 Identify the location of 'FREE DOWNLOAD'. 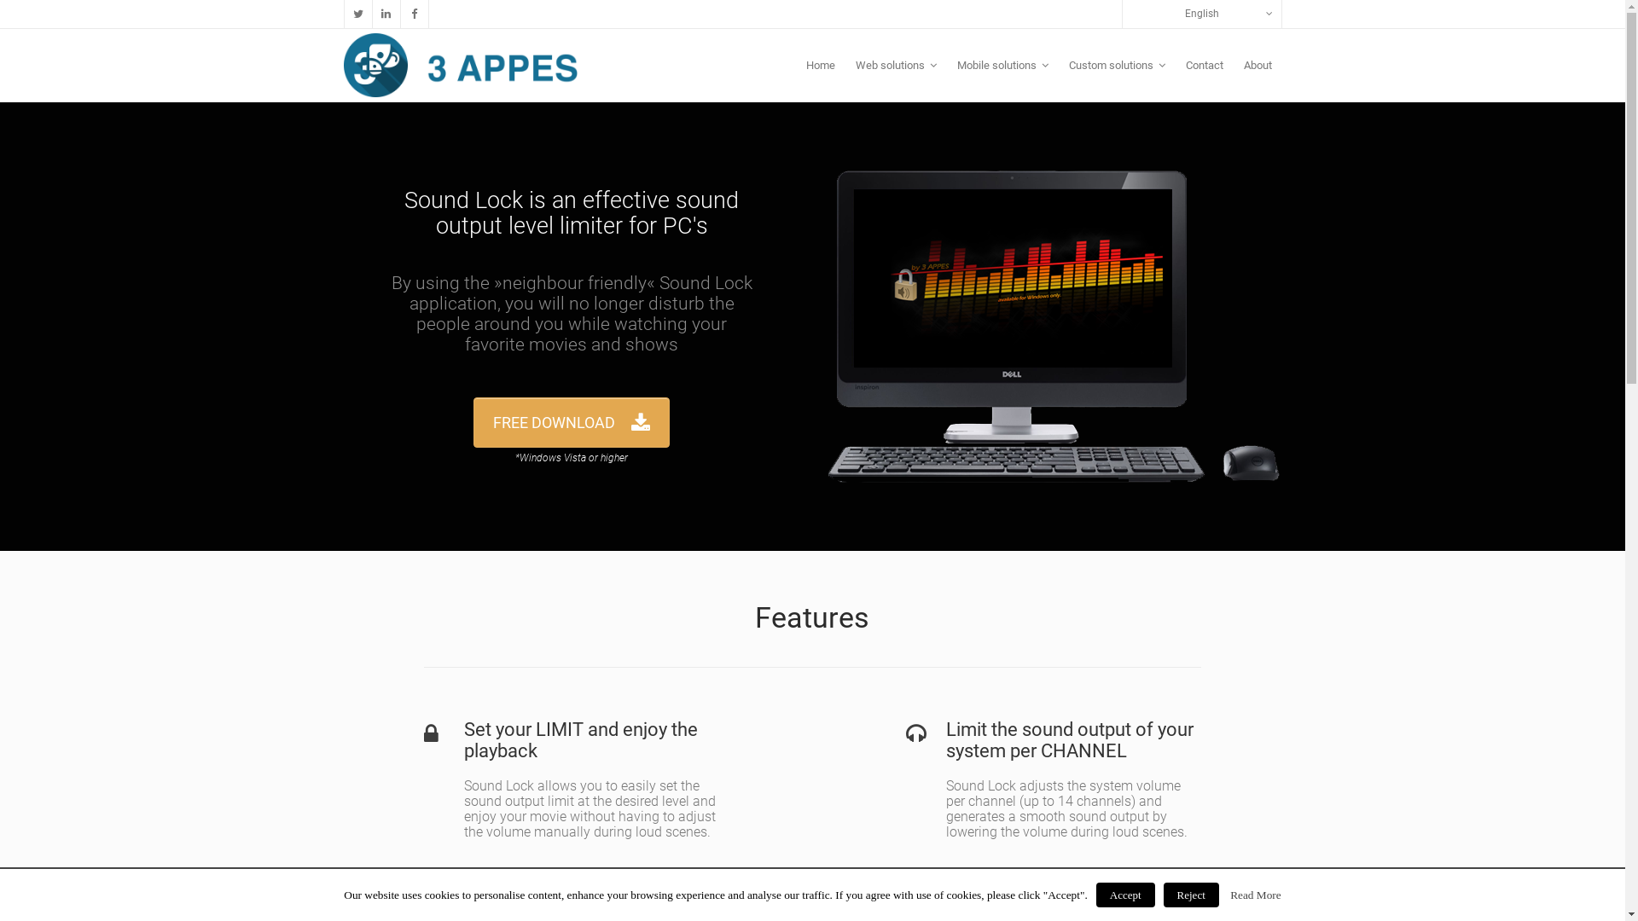
(473, 422).